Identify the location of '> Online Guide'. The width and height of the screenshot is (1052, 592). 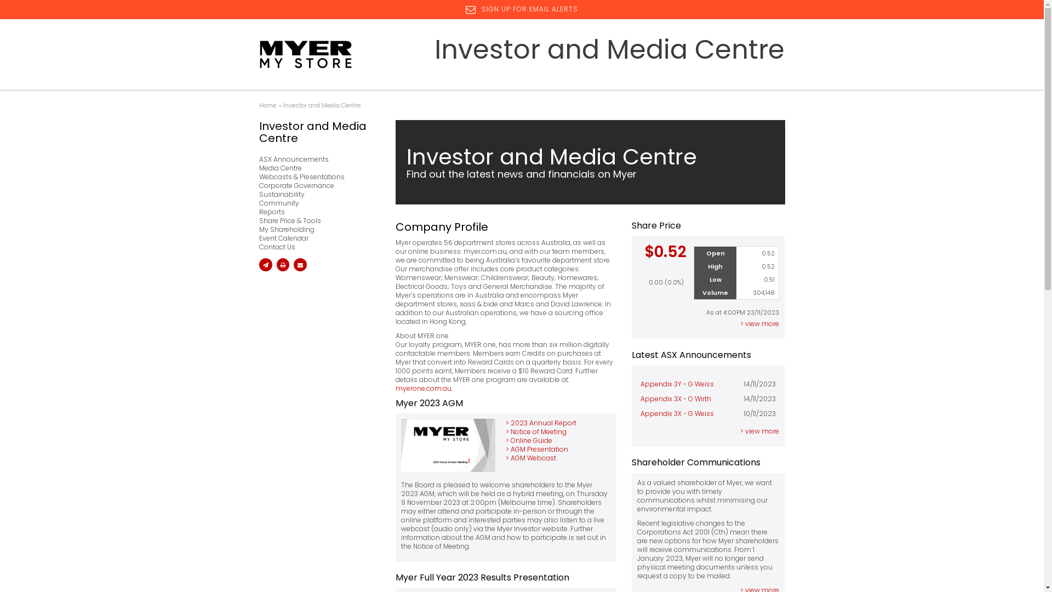
(505, 440).